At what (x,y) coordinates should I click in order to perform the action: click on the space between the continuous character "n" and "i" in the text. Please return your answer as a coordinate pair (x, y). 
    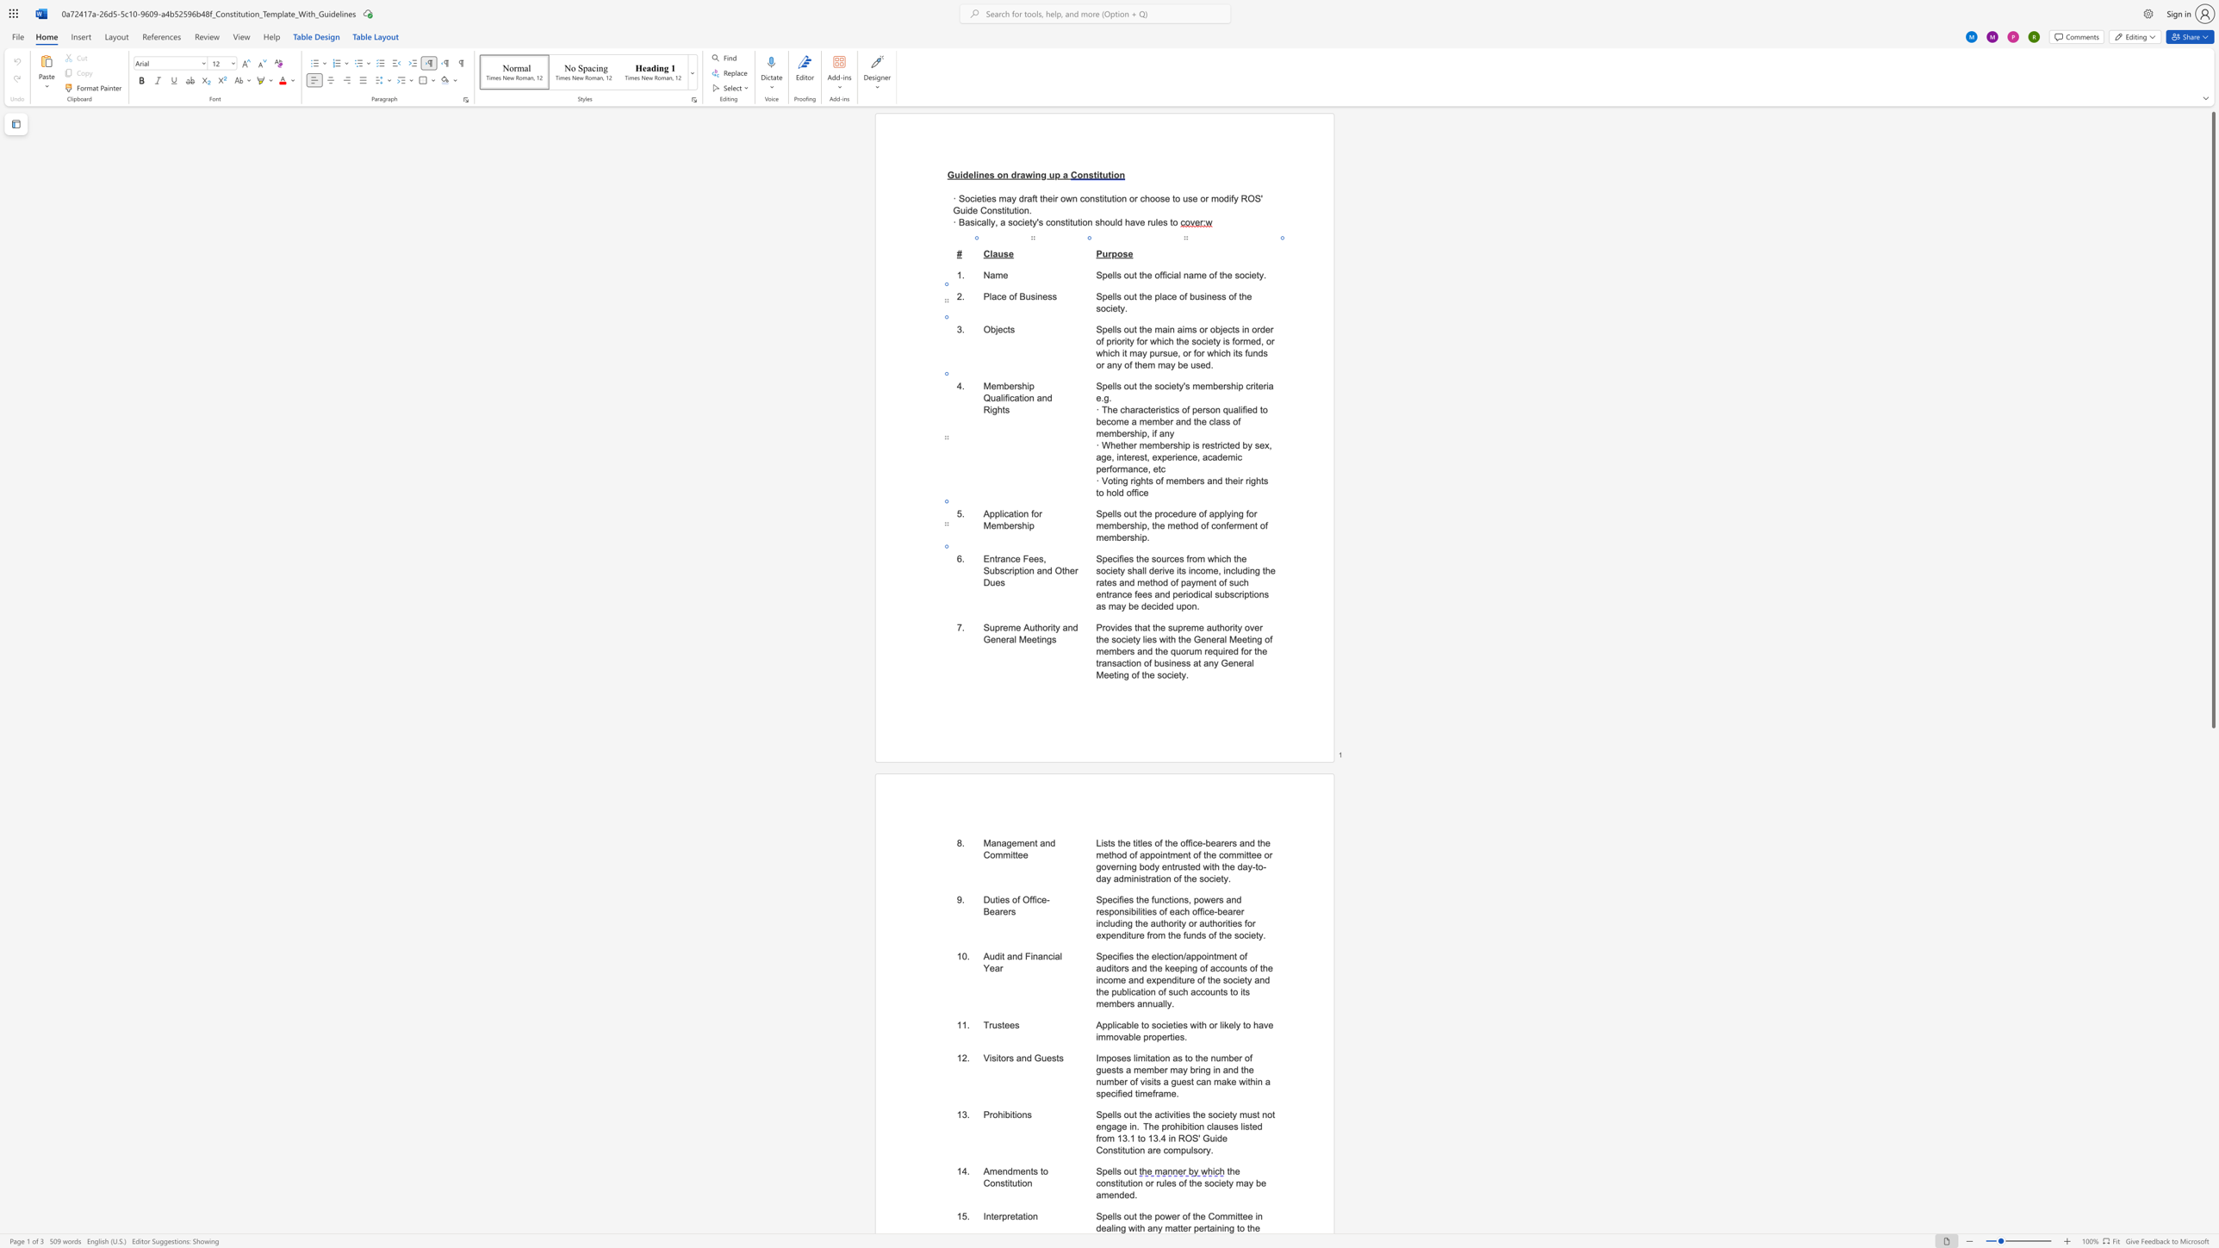
    Looking at the image, I should click on (1221, 1228).